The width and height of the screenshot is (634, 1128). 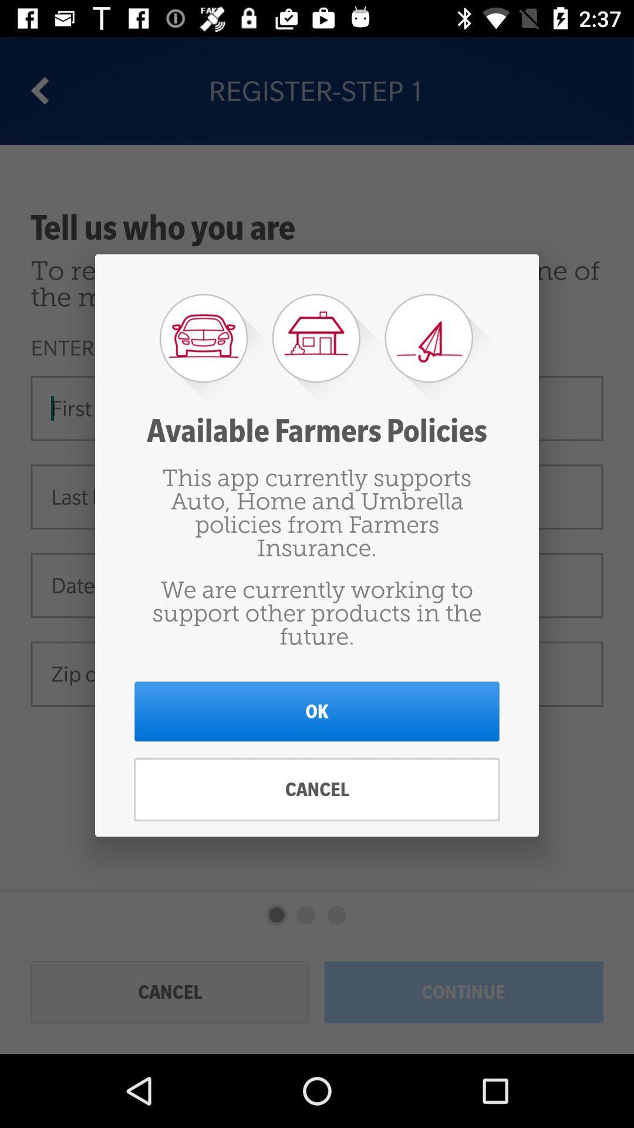 What do you see at coordinates (317, 790) in the screenshot?
I see `cancel icon` at bounding box center [317, 790].